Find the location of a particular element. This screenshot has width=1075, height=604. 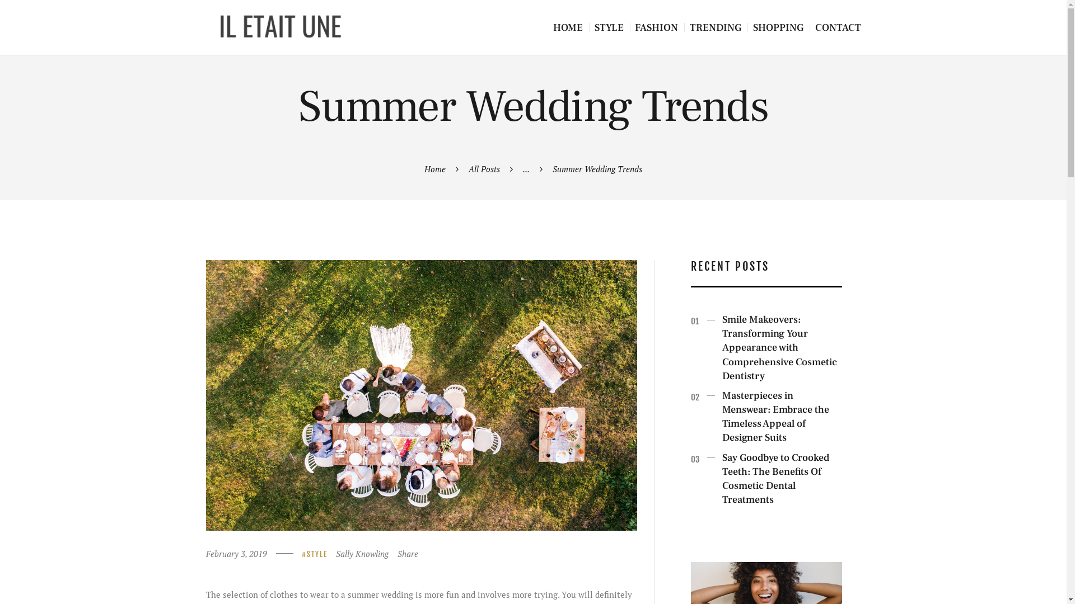

'Sally Knowling' is located at coordinates (366, 554).